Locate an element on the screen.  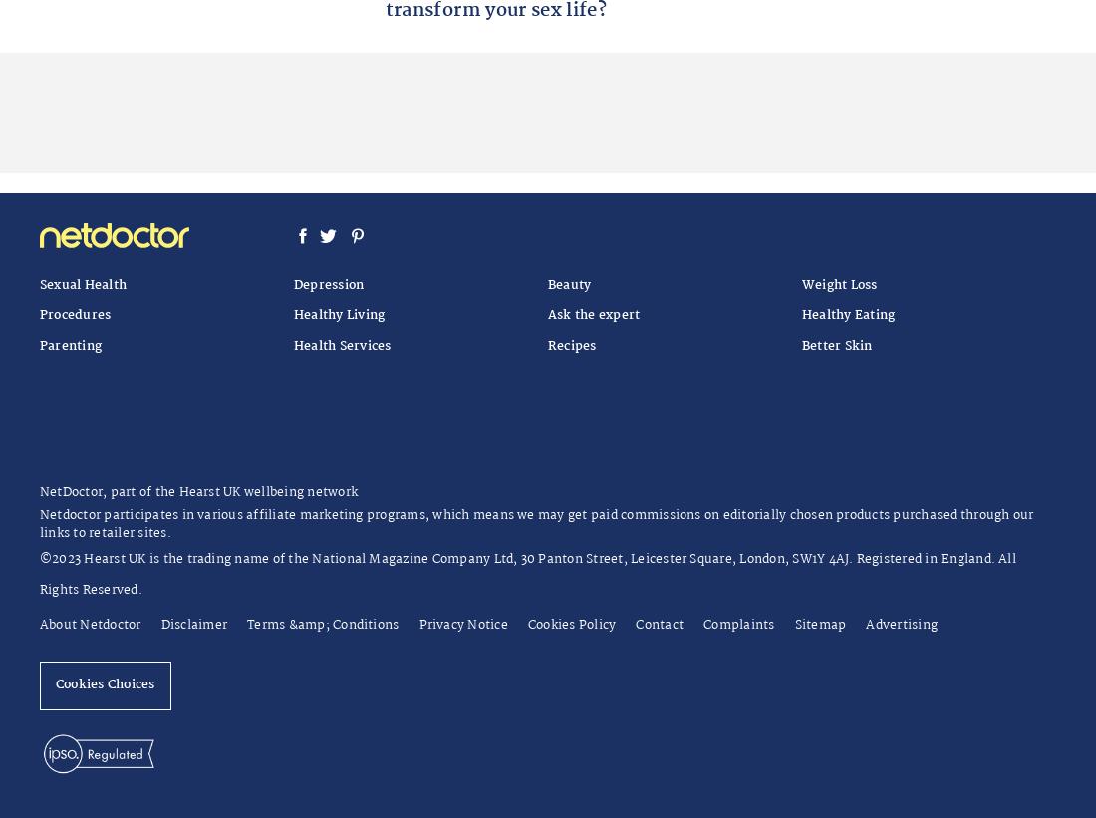
'Weight Loss' is located at coordinates (838, 283).